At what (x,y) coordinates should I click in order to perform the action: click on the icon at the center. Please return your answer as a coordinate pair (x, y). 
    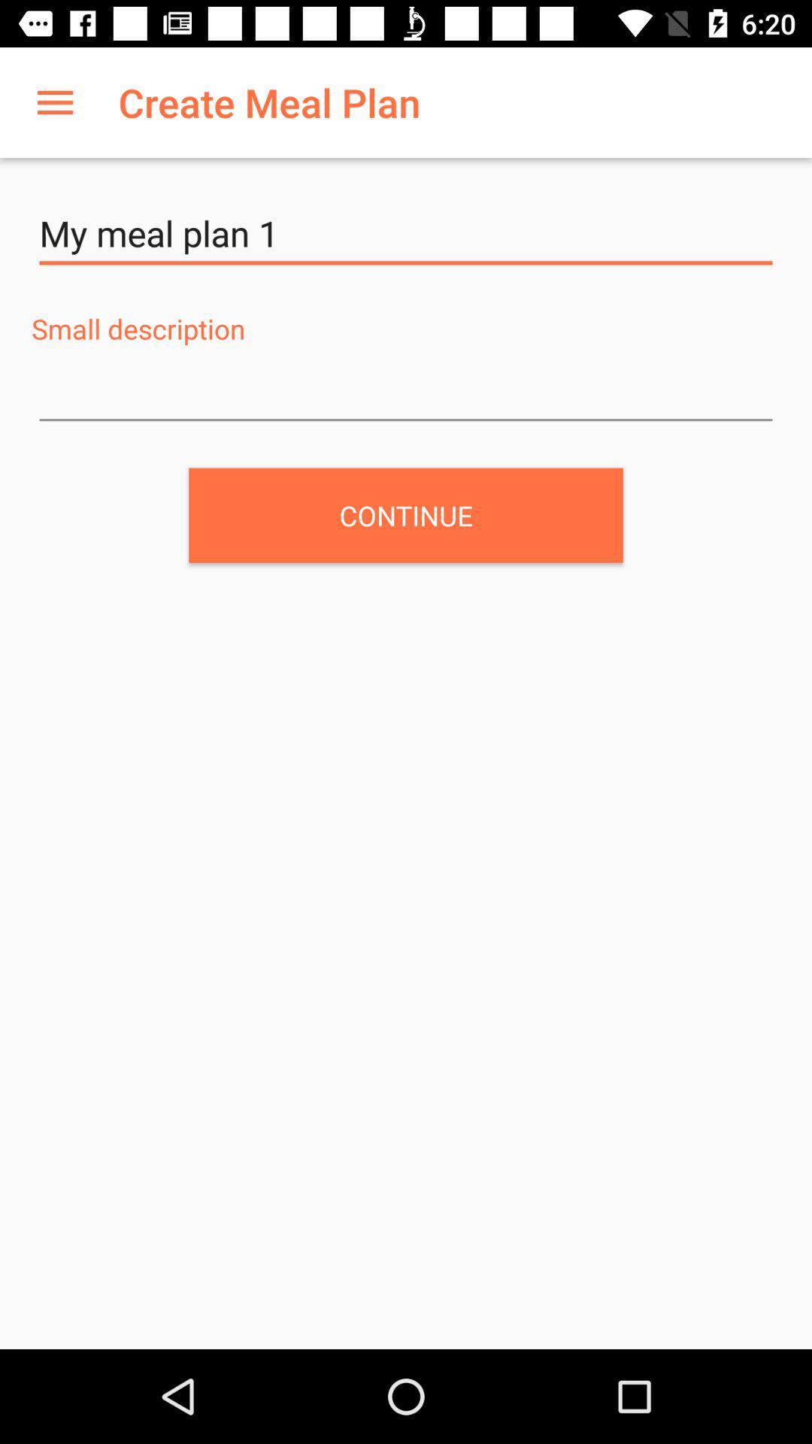
    Looking at the image, I should click on (406, 515).